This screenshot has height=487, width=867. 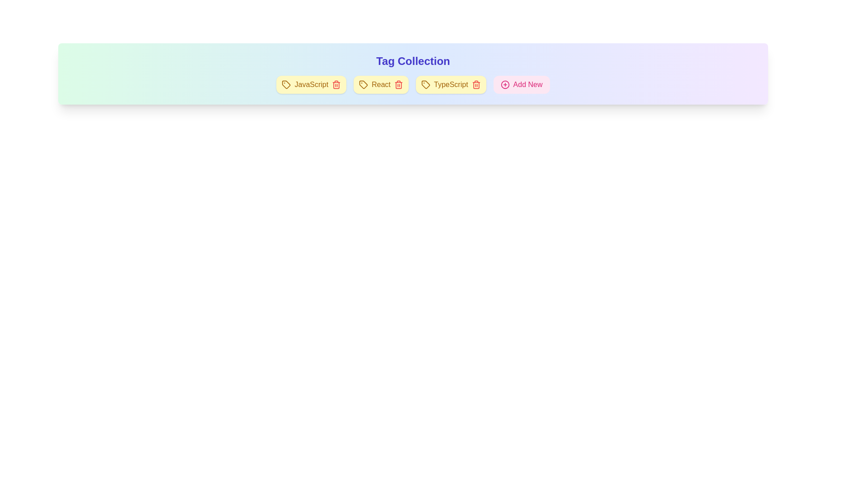 I want to click on the circular shape of the 'Add New' button located at the far-right side of the toolbar, which is part of the SVG icon element with a plus sign, so click(x=504, y=85).